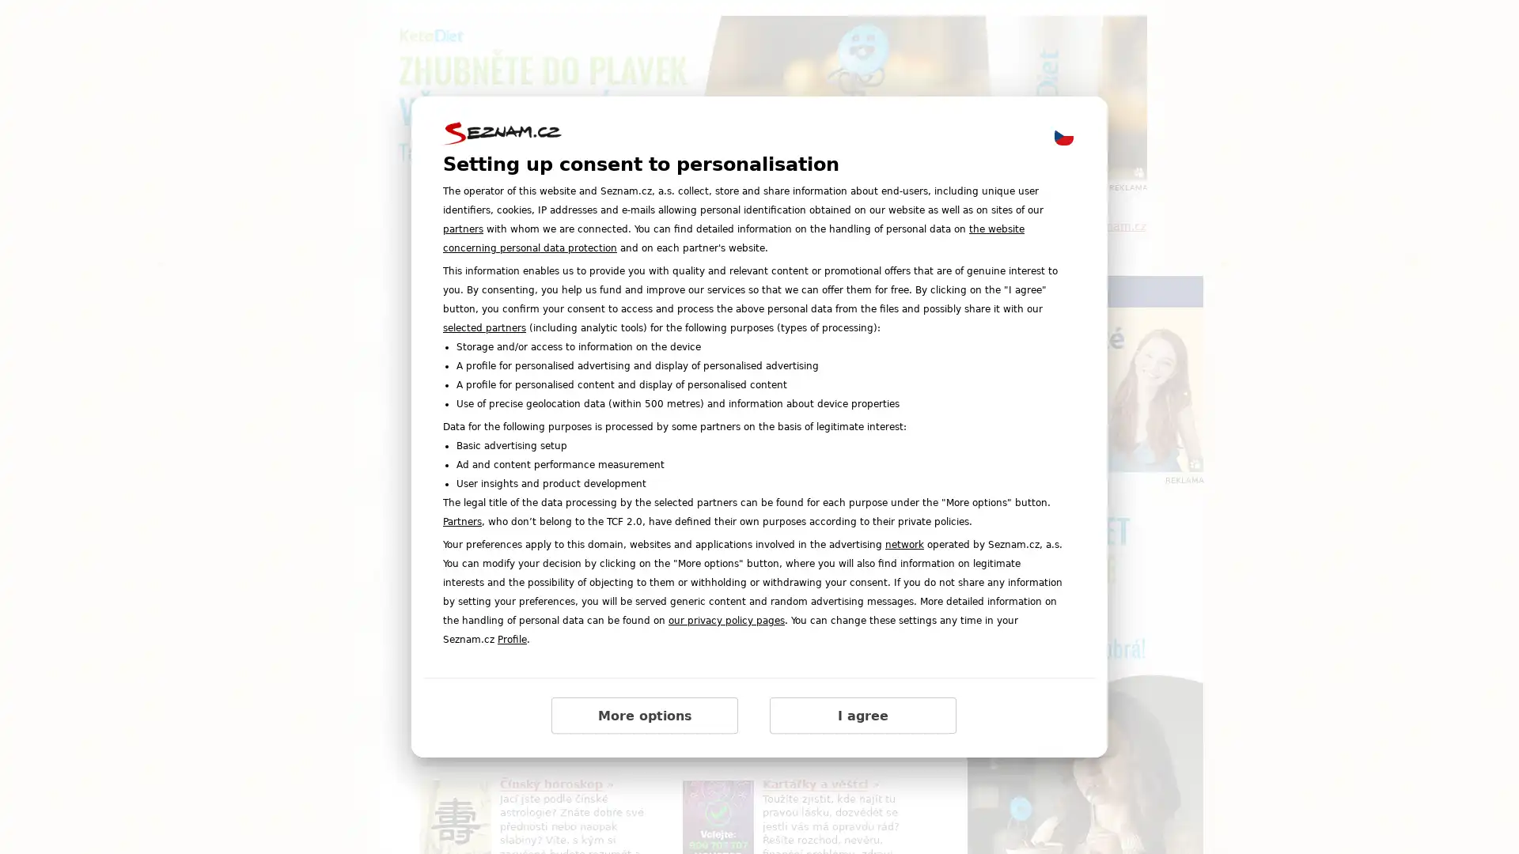  What do you see at coordinates (645, 716) in the screenshot?
I see `More options` at bounding box center [645, 716].